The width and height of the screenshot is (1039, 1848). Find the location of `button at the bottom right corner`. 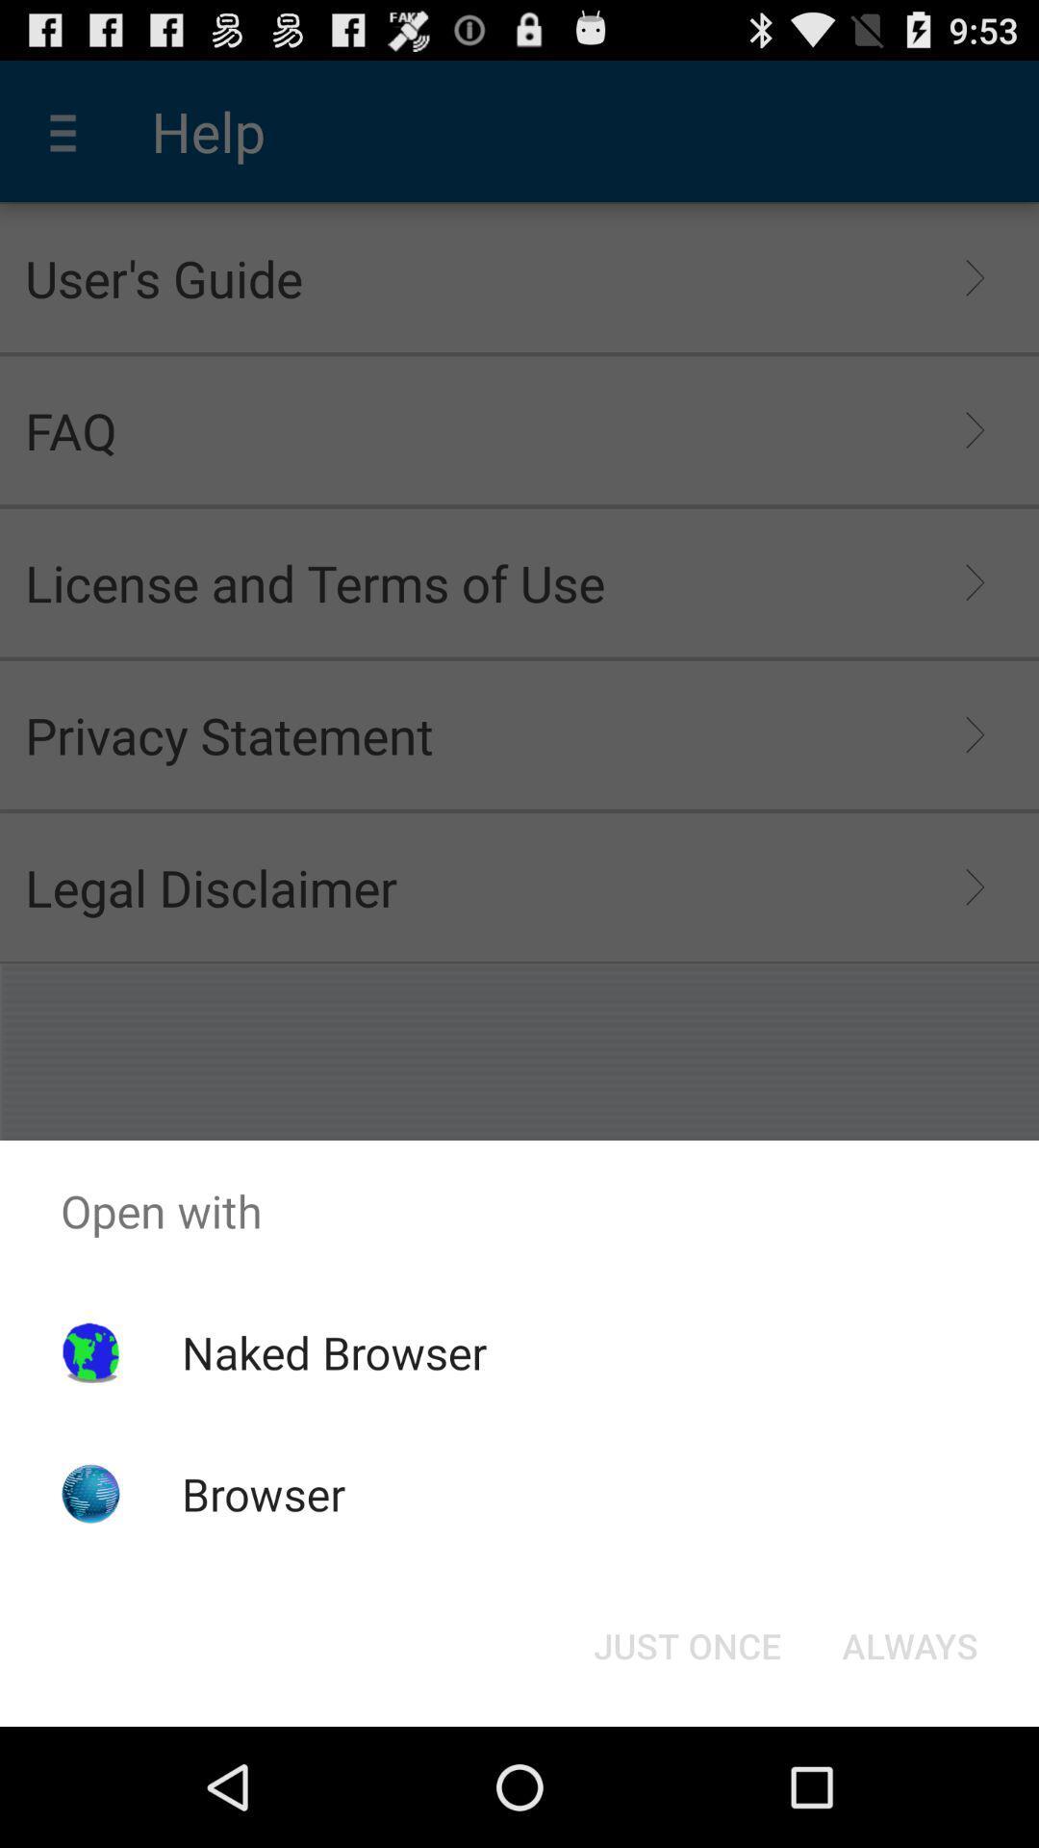

button at the bottom right corner is located at coordinates (909, 1644).